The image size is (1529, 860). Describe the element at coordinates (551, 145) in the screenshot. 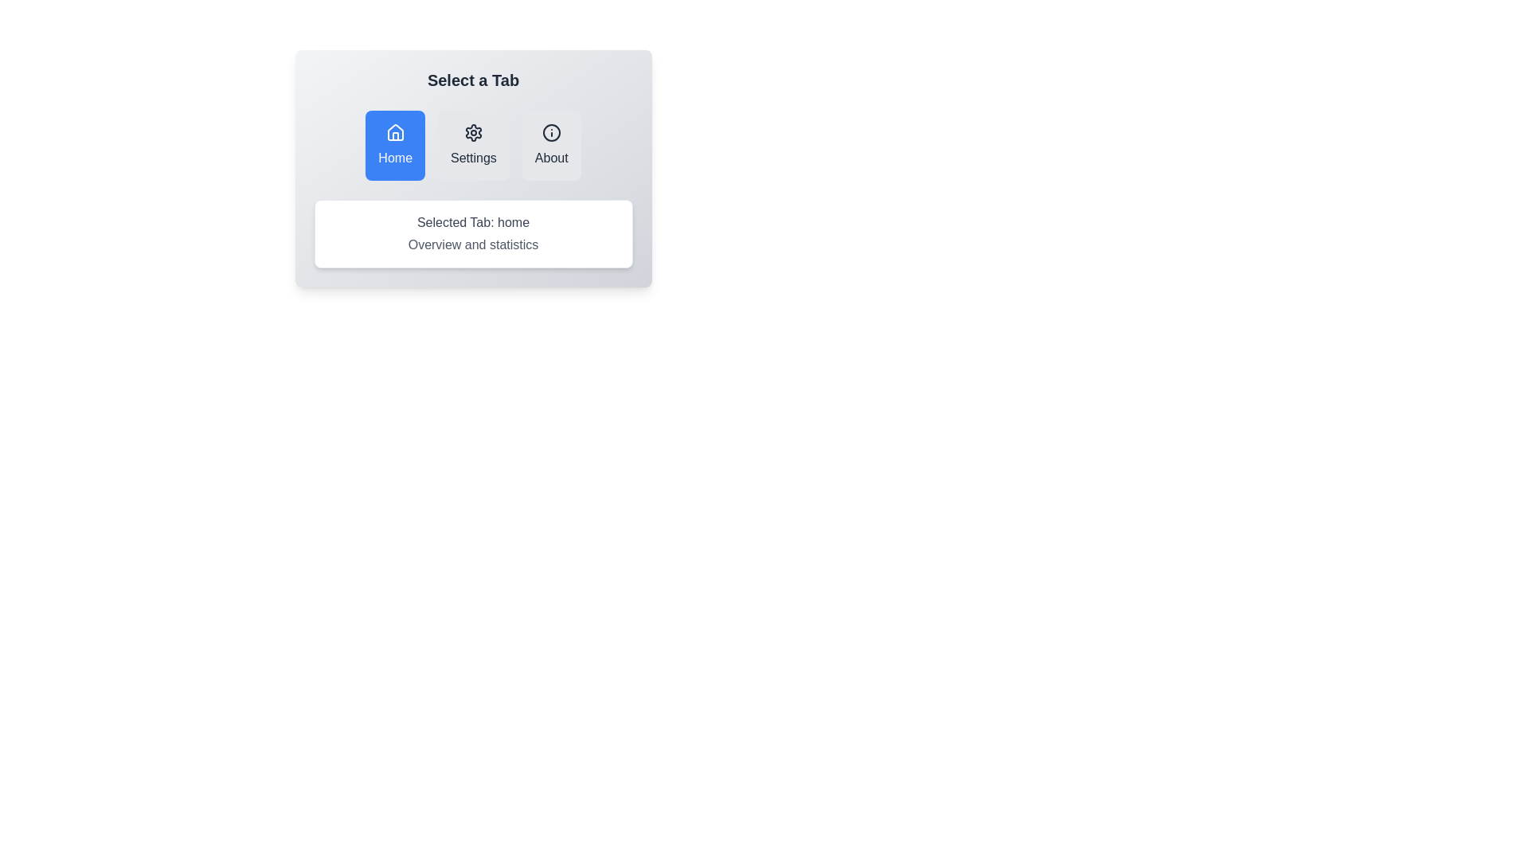

I see `the tab labeled About to observe its hover effect` at that location.